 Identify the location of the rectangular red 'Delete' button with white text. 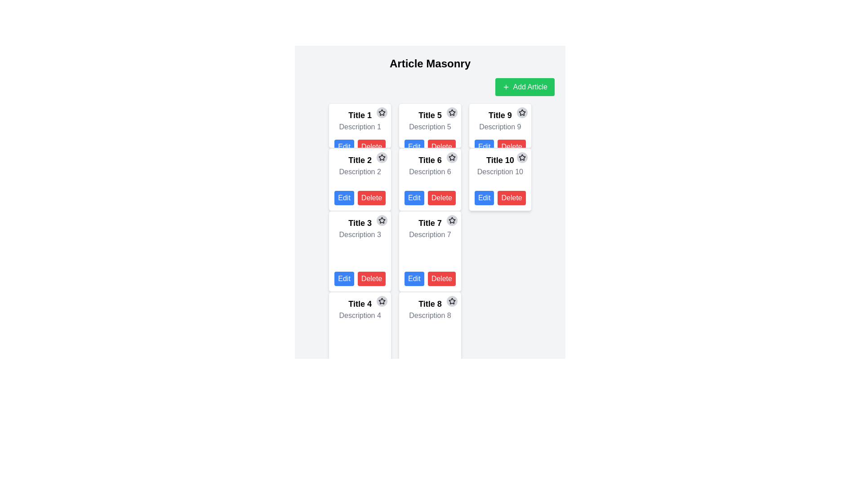
(441, 197).